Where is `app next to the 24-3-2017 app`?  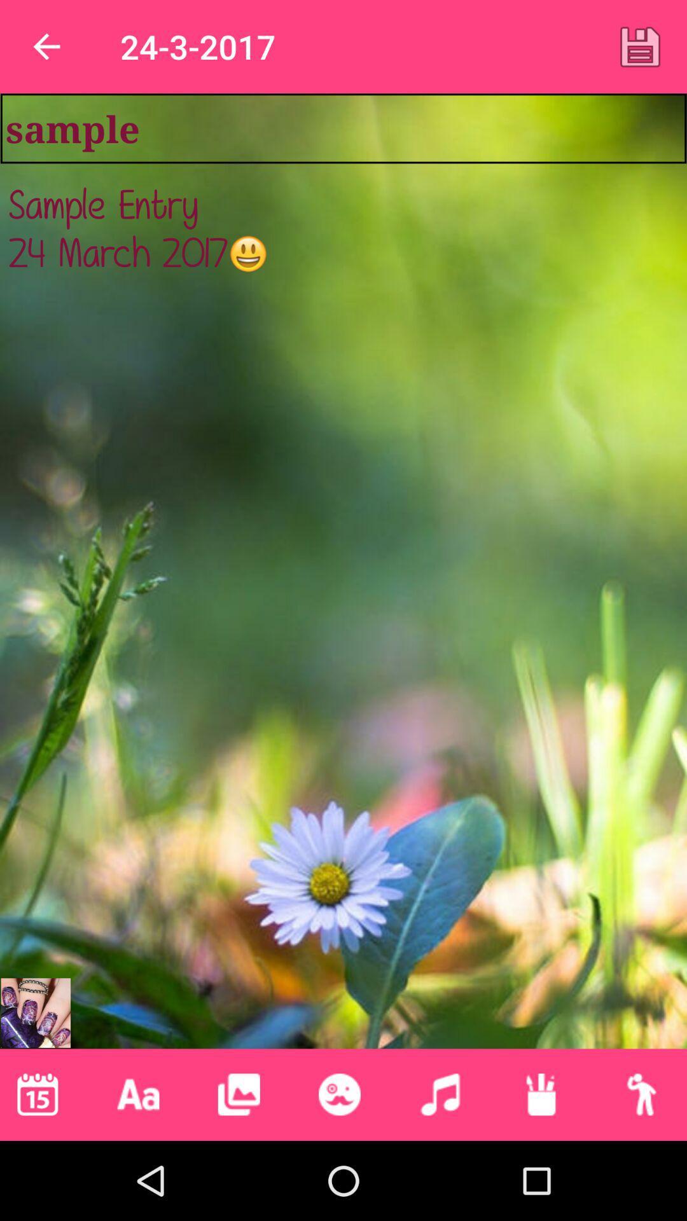
app next to the 24-3-2017 app is located at coordinates (46, 46).